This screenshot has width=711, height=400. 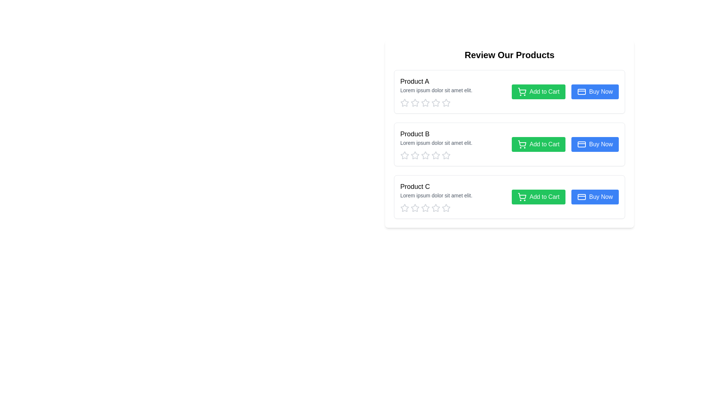 I want to click on the 'Add to Cart' button located in the first row of the product list to observe the hover effect, so click(x=538, y=91).